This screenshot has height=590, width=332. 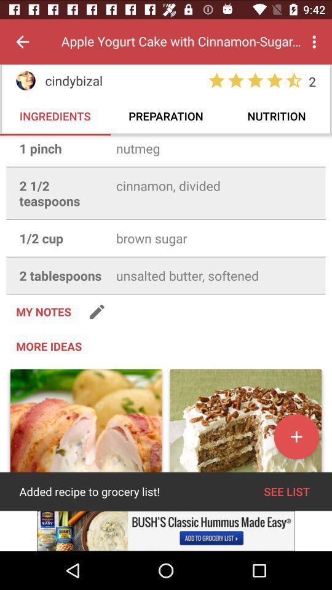 I want to click on added recipe to grocery list button, so click(x=85, y=434).